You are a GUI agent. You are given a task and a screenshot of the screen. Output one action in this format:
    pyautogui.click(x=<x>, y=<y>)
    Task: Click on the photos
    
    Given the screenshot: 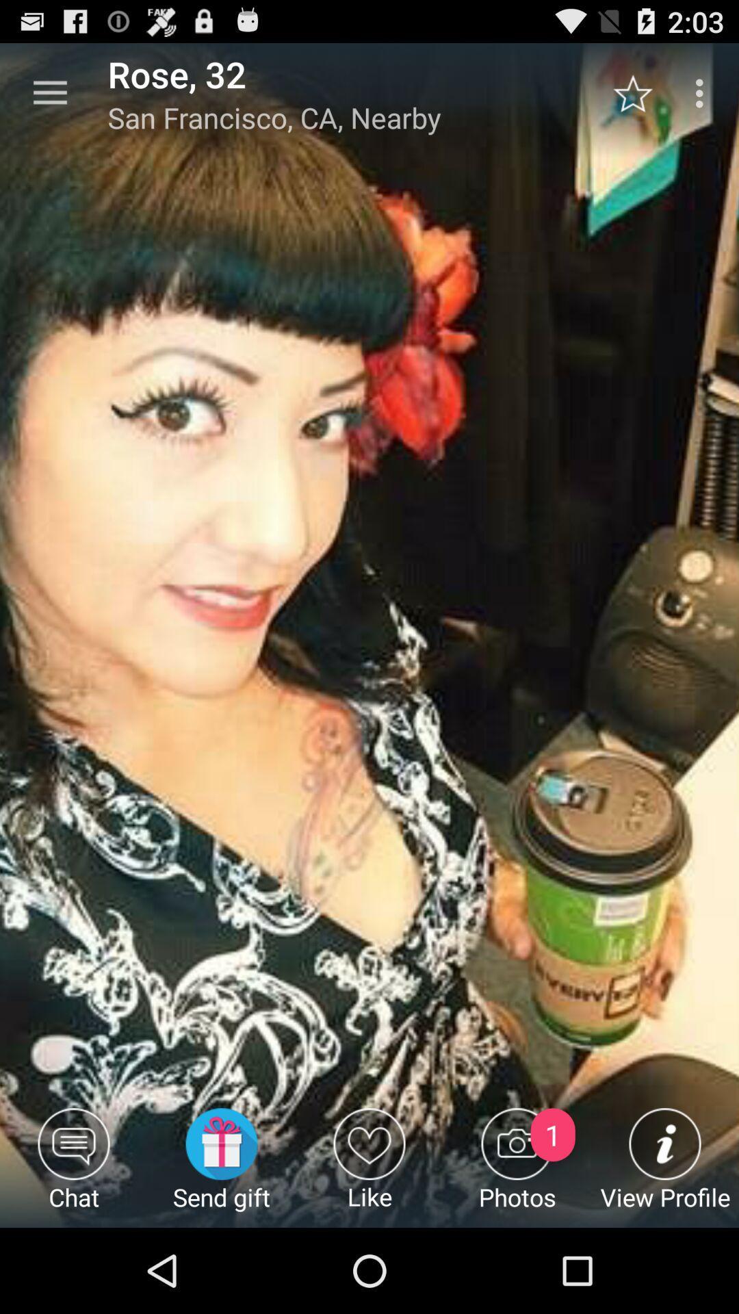 What is the action you would take?
    pyautogui.click(x=517, y=1167)
    